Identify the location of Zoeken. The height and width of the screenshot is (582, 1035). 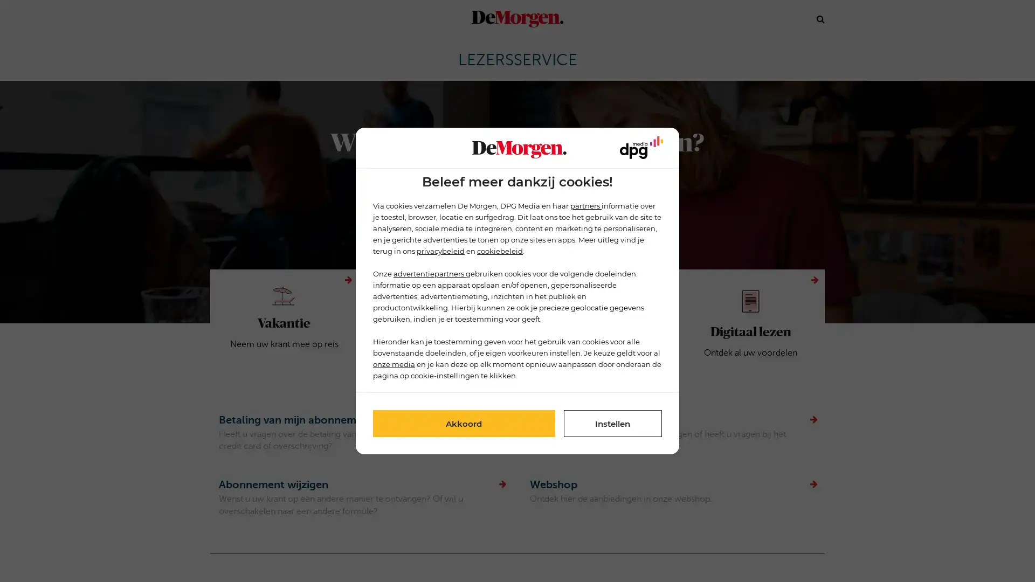
(598, 202).